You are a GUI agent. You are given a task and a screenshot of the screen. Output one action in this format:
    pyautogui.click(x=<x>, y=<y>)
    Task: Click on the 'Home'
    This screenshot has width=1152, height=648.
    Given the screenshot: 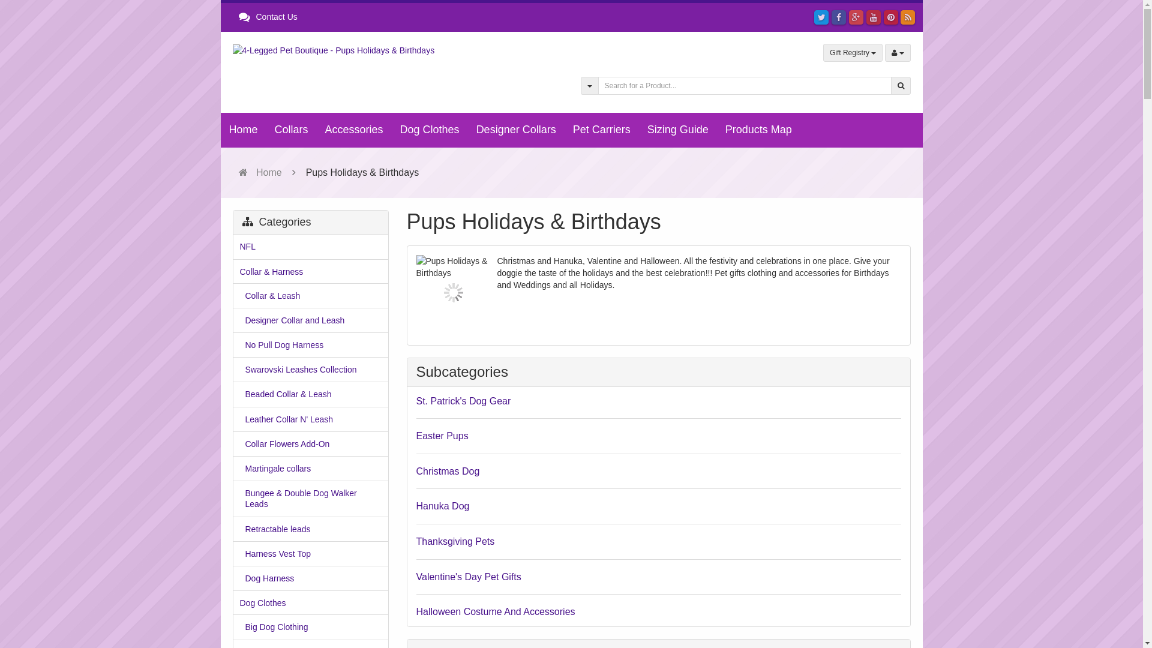 What is the action you would take?
    pyautogui.click(x=259, y=172)
    